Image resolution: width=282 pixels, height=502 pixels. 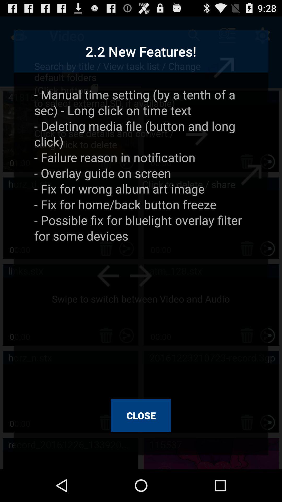 I want to click on the manual time setting item, so click(x=141, y=239).